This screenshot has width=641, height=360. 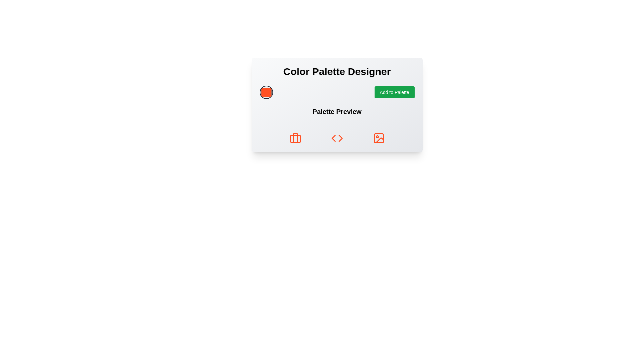 I want to click on the vertical rectangular icon representing a handle or bar within the briefcase icon, located at the top center portion of the briefcase's outline, so click(x=295, y=137).